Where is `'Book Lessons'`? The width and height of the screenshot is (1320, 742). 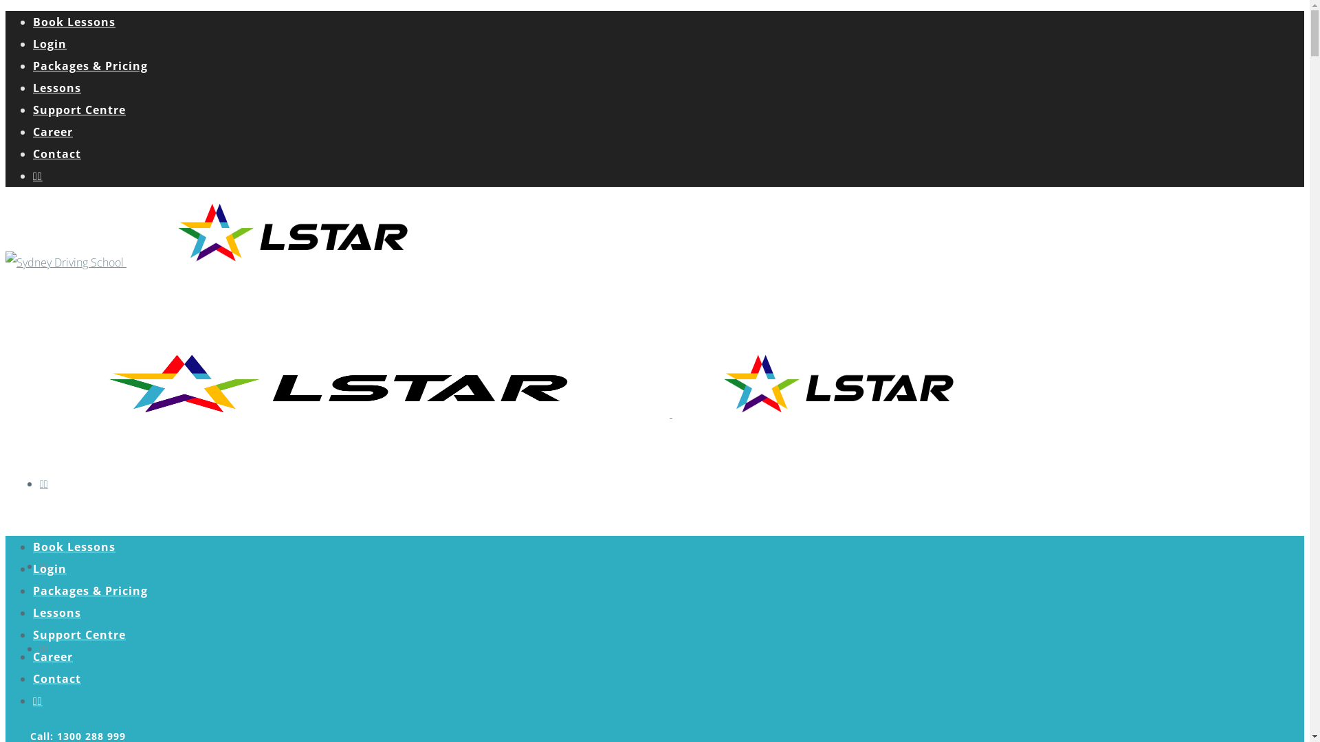
'Book Lessons' is located at coordinates (73, 546).